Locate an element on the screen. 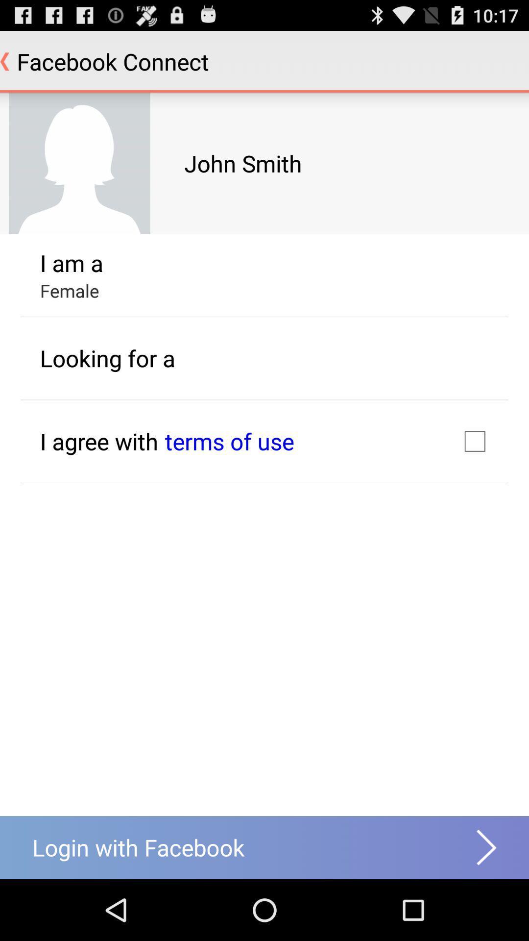  i agree with is located at coordinates (99, 441).